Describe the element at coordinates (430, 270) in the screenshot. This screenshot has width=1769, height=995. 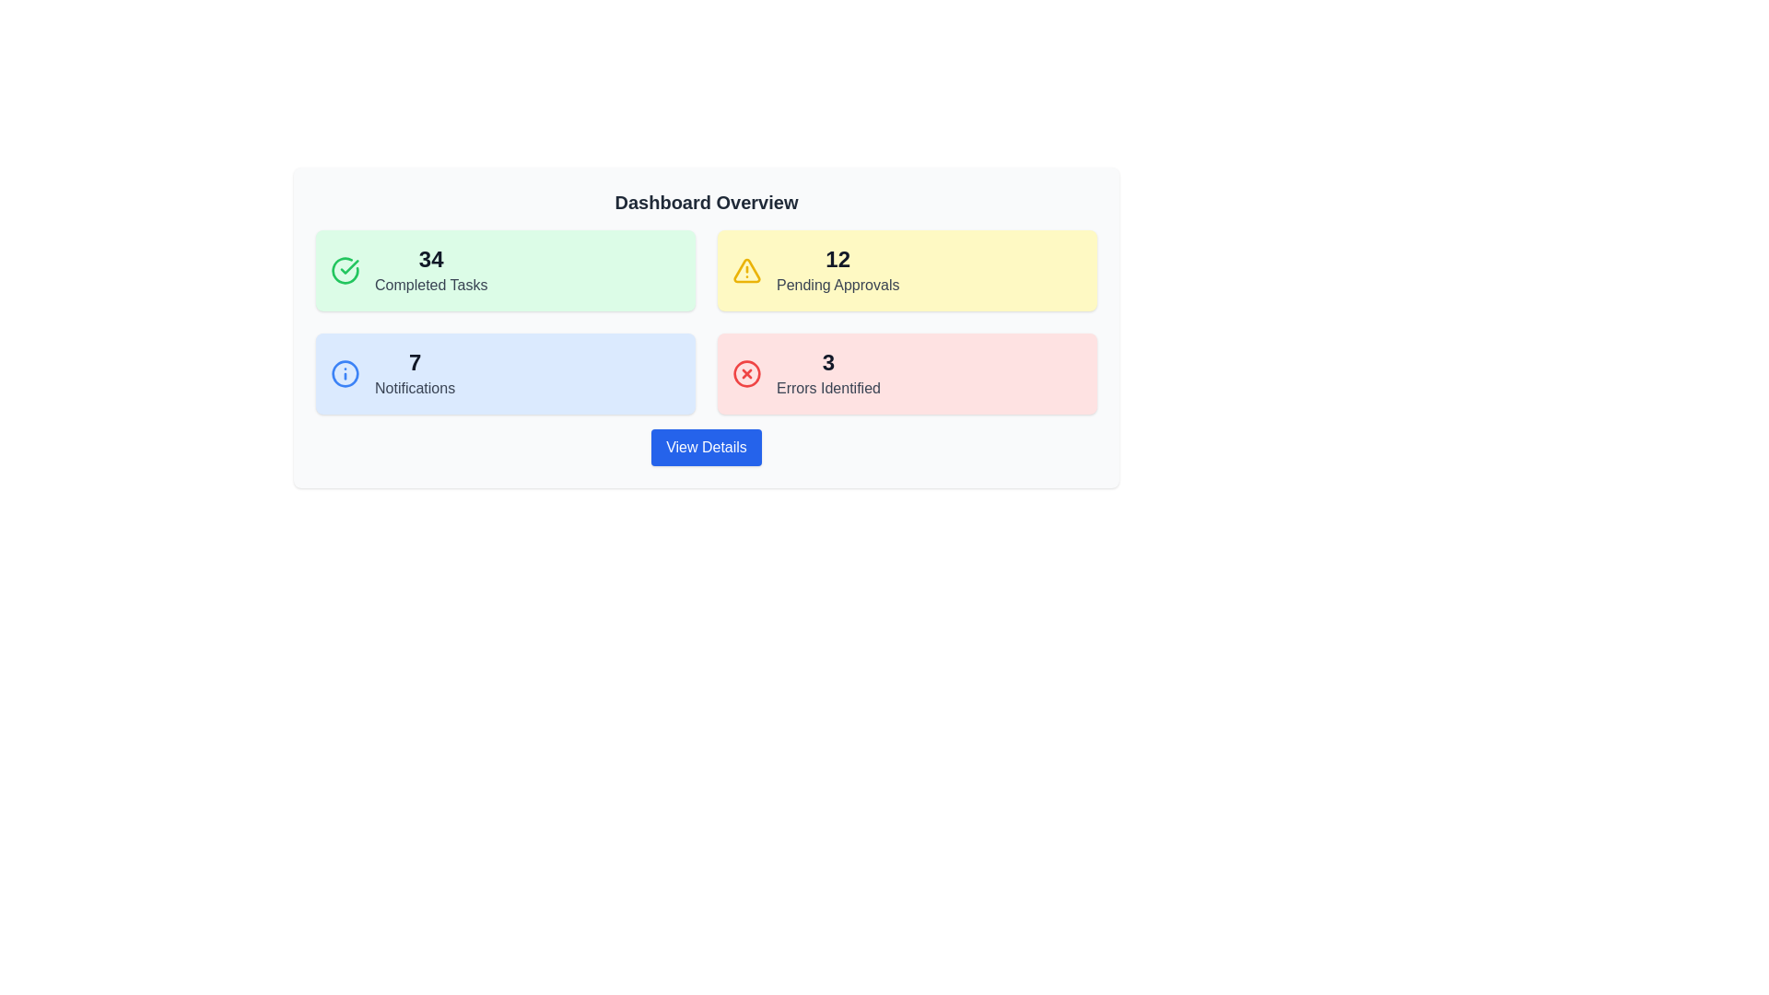
I see `displayed text '34 Completed Tasks' from the text-based informational display located in the green notification box at the top-left corner of the grid layout` at that location.